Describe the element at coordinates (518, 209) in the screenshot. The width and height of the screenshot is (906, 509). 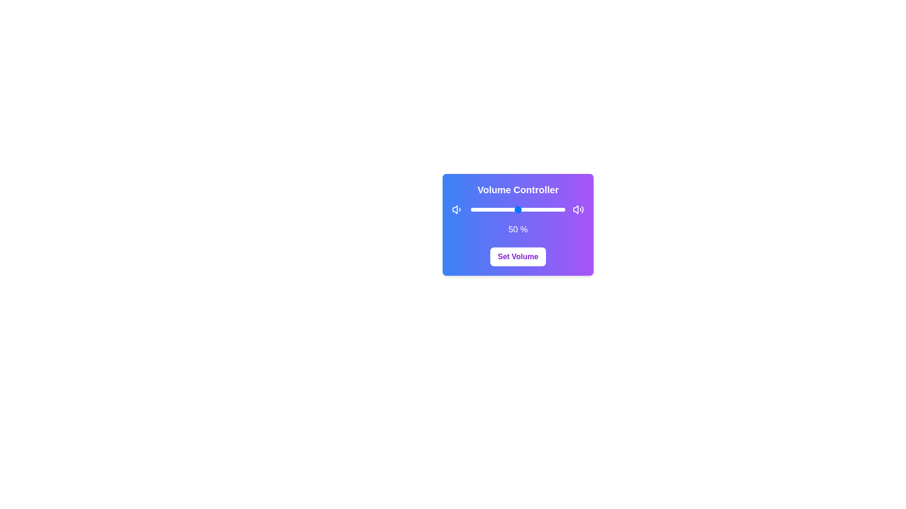
I see `the slider to set the volume to 50%` at that location.